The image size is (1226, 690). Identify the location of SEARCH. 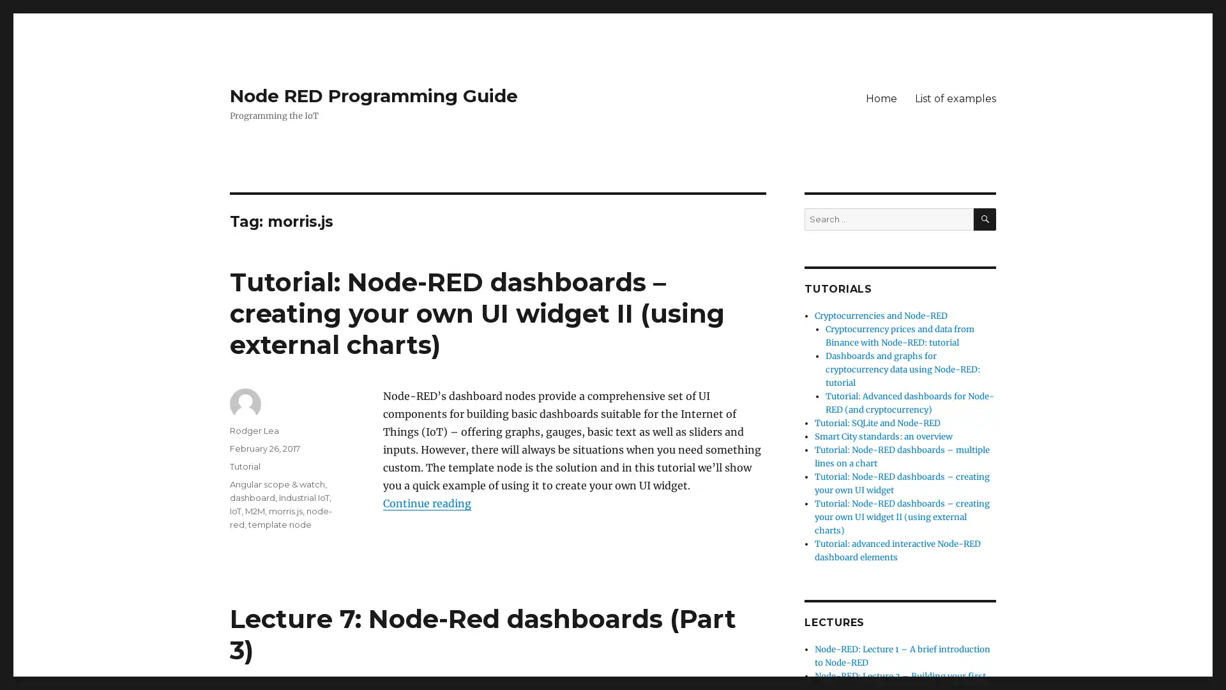
(984, 218).